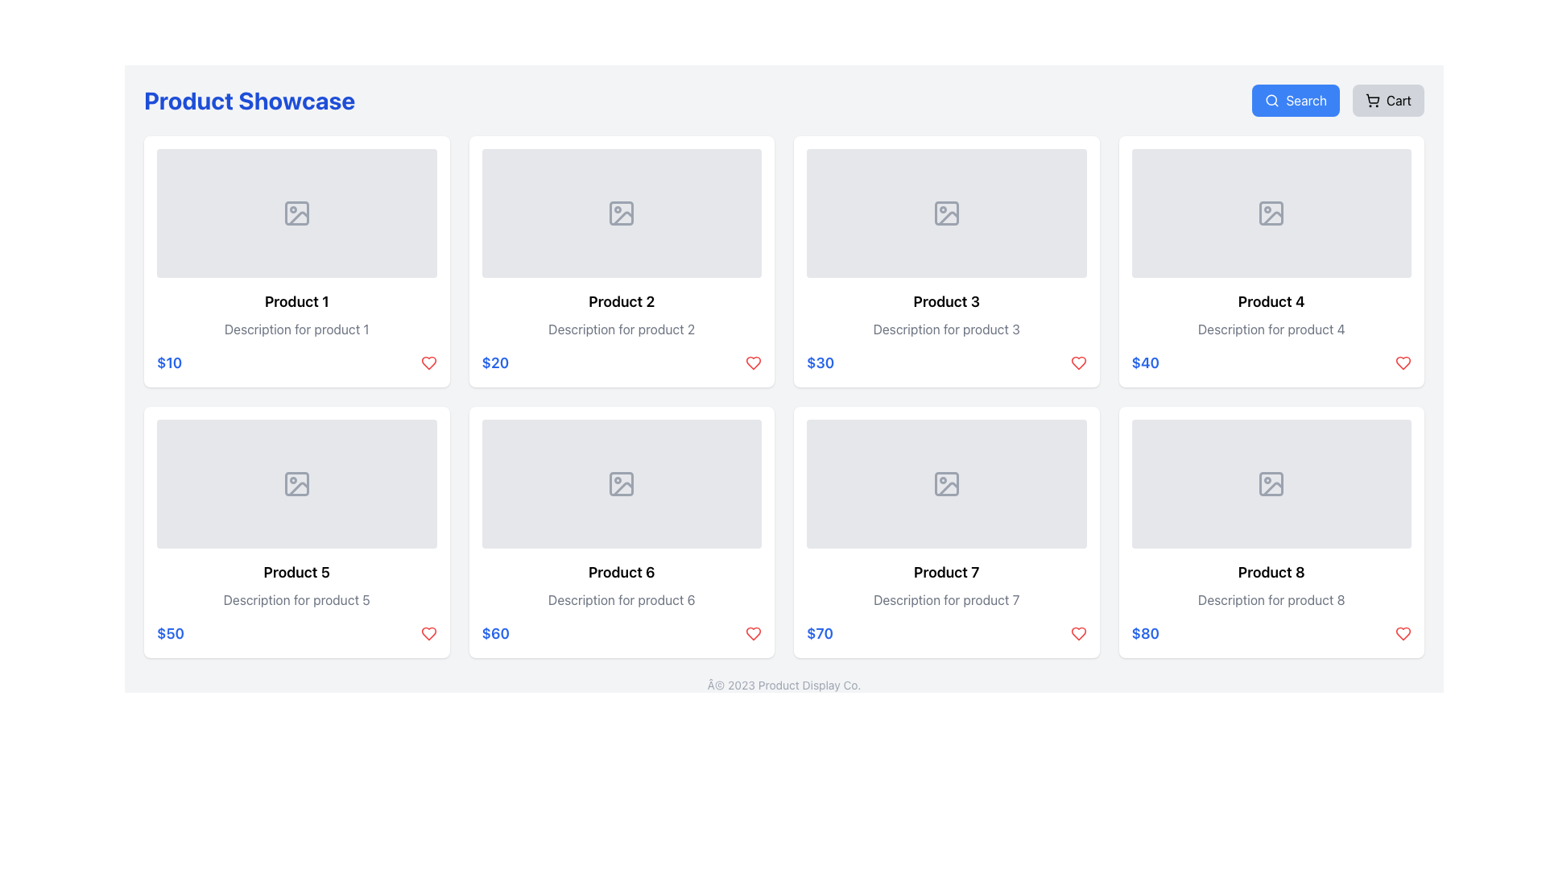 The height and width of the screenshot is (870, 1546). Describe the element at coordinates (296, 213) in the screenshot. I see `the image placeholder for 'Product 1', which occupies the majority of the horizontal space in the upper section of the card` at that location.